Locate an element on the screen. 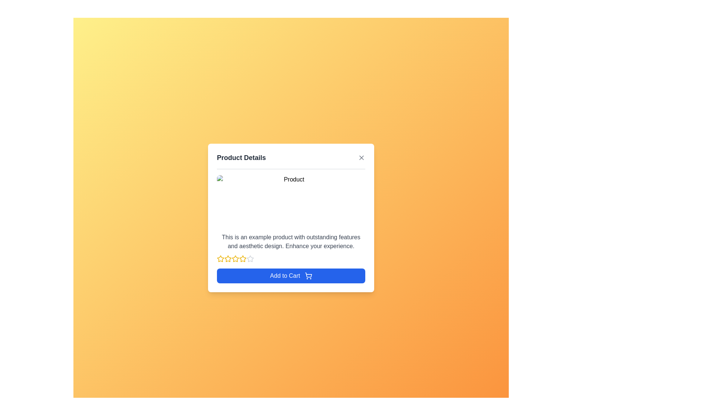 This screenshot has width=712, height=400. the shopping cart icon, which is a simplistic line art design located next to the 'Add to Cart' button, centered horizontally in a modal dialog is located at coordinates (308, 276).